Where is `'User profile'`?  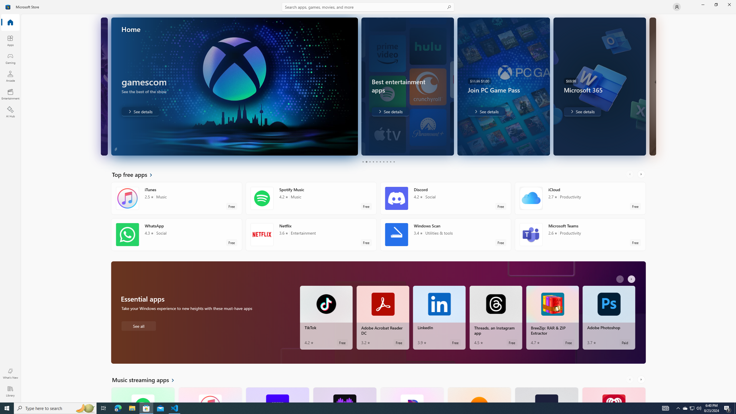
'User profile' is located at coordinates (676, 6).